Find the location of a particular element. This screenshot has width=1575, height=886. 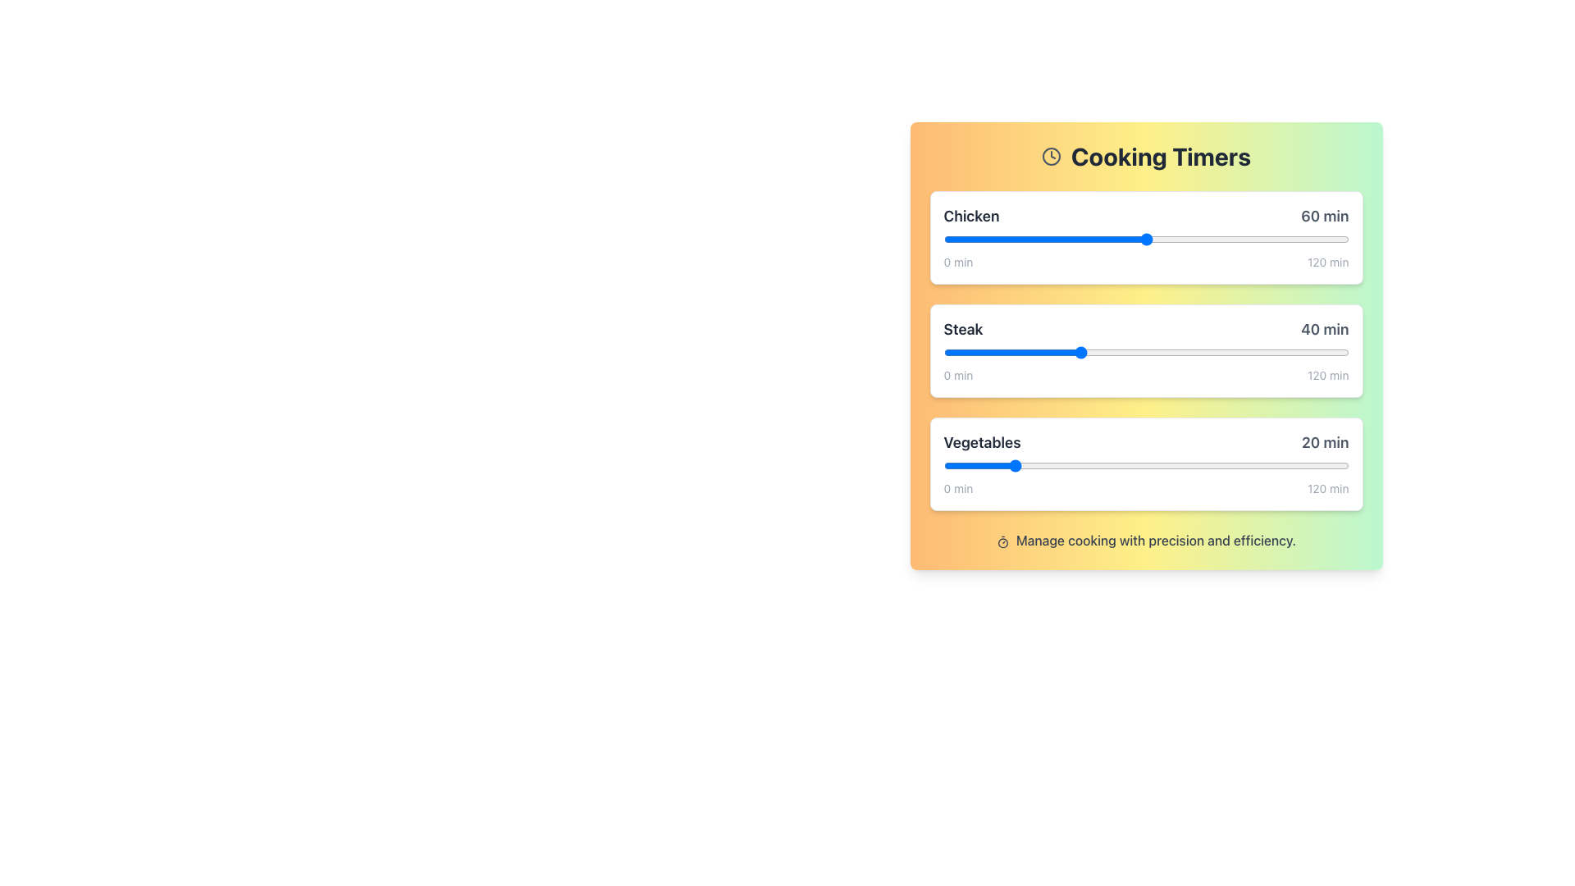

cooking time for steak is located at coordinates (1132, 351).